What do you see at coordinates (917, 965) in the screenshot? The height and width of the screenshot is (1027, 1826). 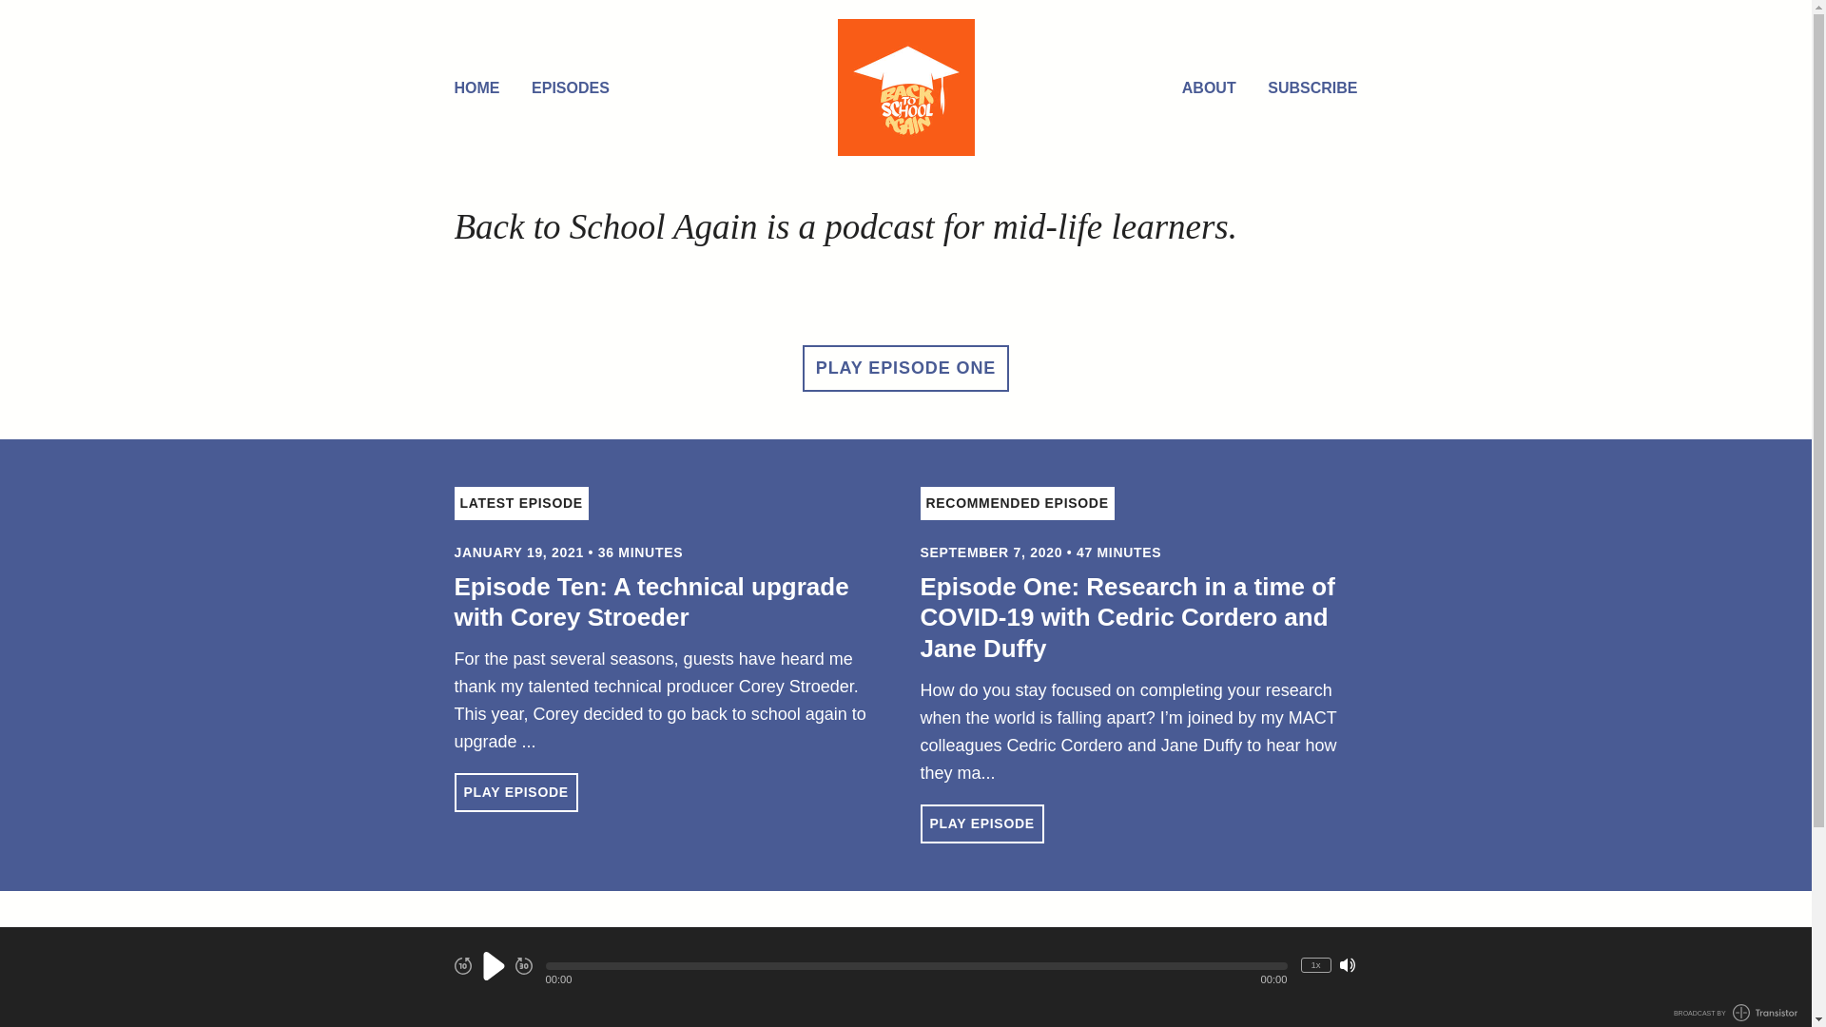 I see `'Seek within Episode'` at bounding box center [917, 965].